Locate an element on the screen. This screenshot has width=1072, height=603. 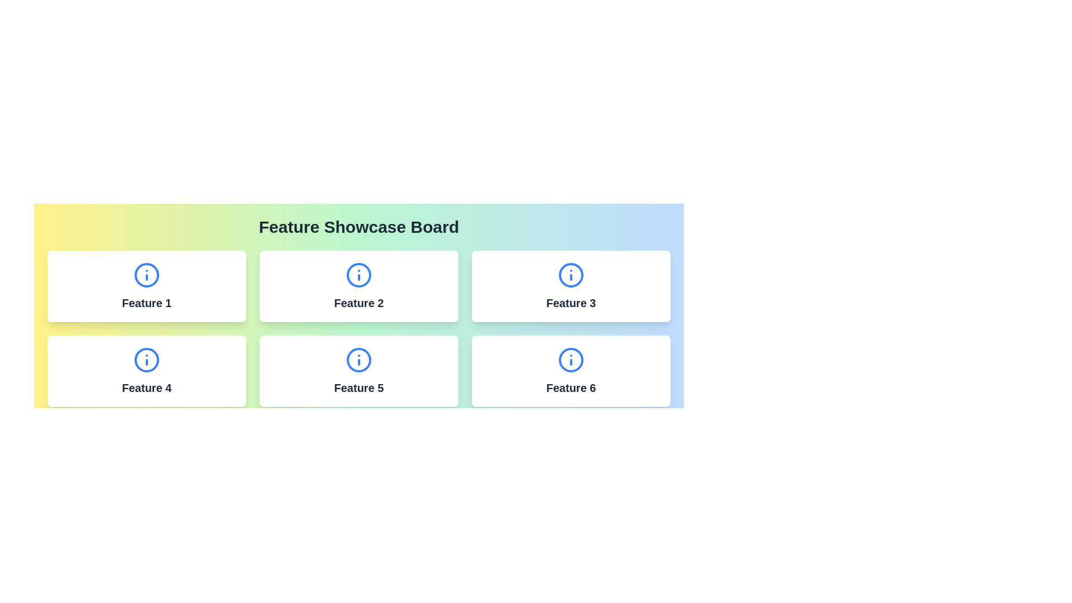
the Interactive card located at the bottom-right corner of the 2-row by 3-column grid layout is located at coordinates (571, 371).